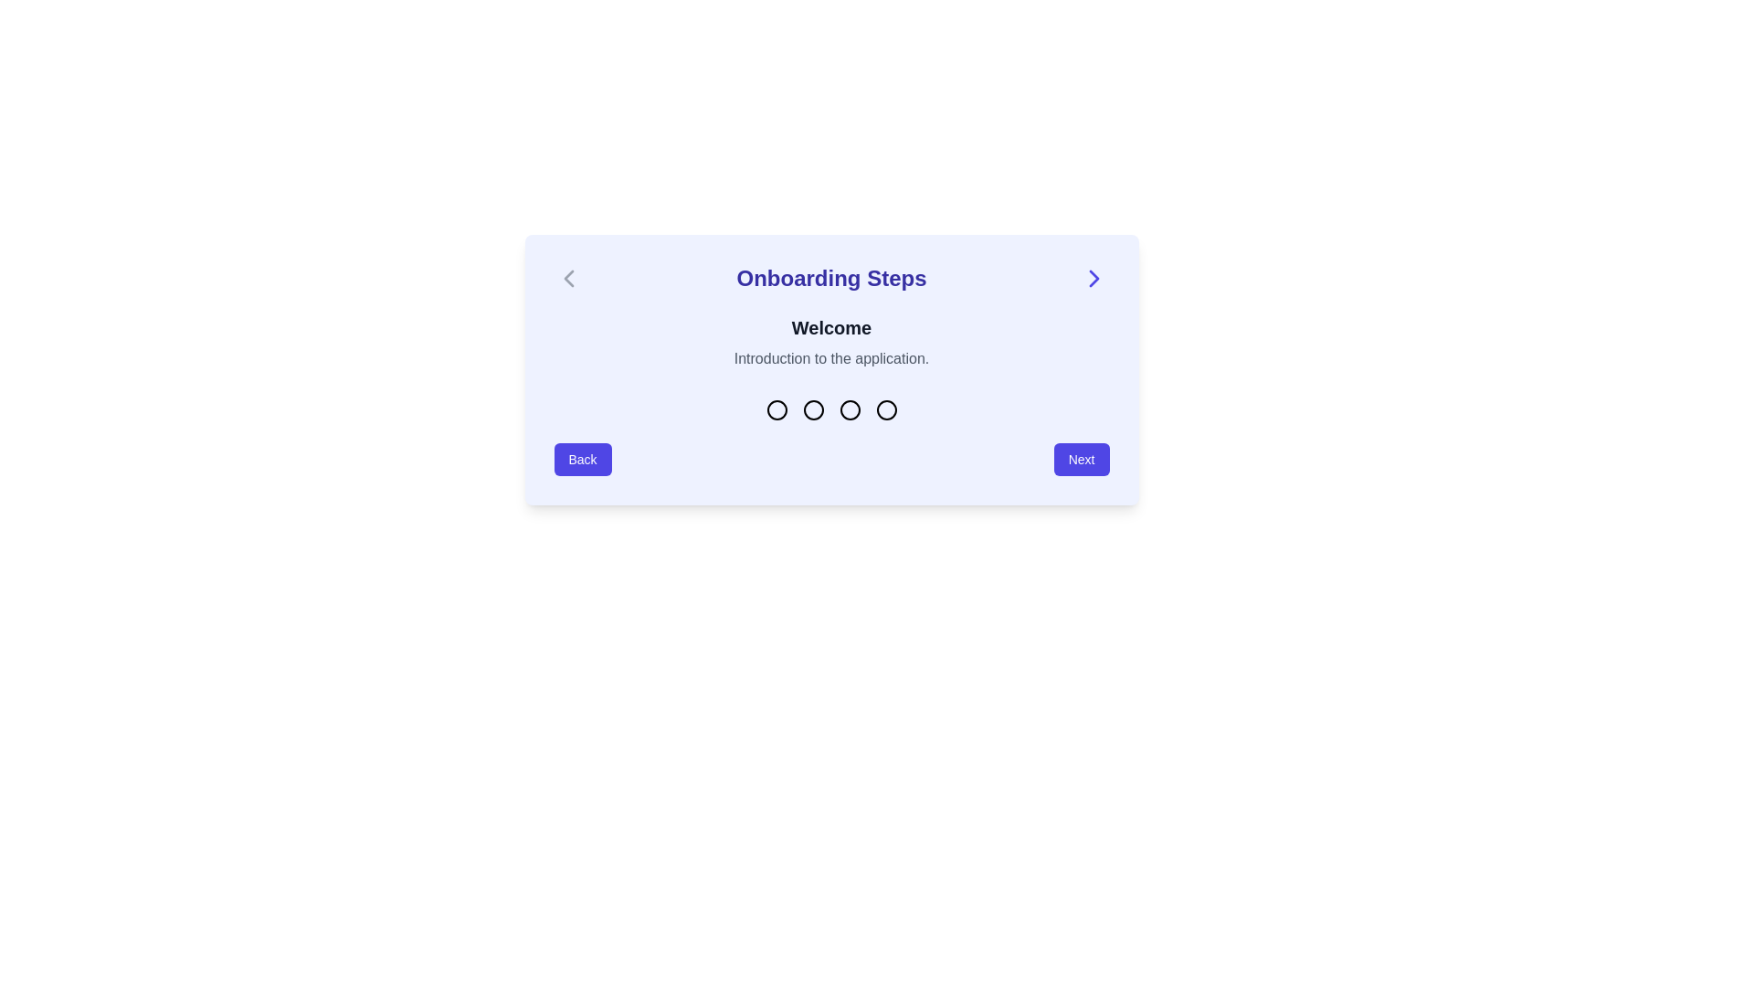 The image size is (1754, 987). I want to click on the left-pointing chevron icon located in the upper-left section of the panel, immediately to the left of the title 'Onboarding Steps.', so click(567, 278).